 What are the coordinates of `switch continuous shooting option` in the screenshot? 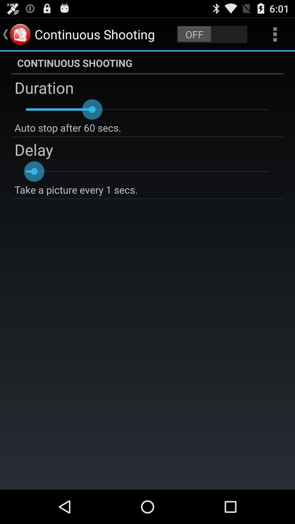 It's located at (212, 34).